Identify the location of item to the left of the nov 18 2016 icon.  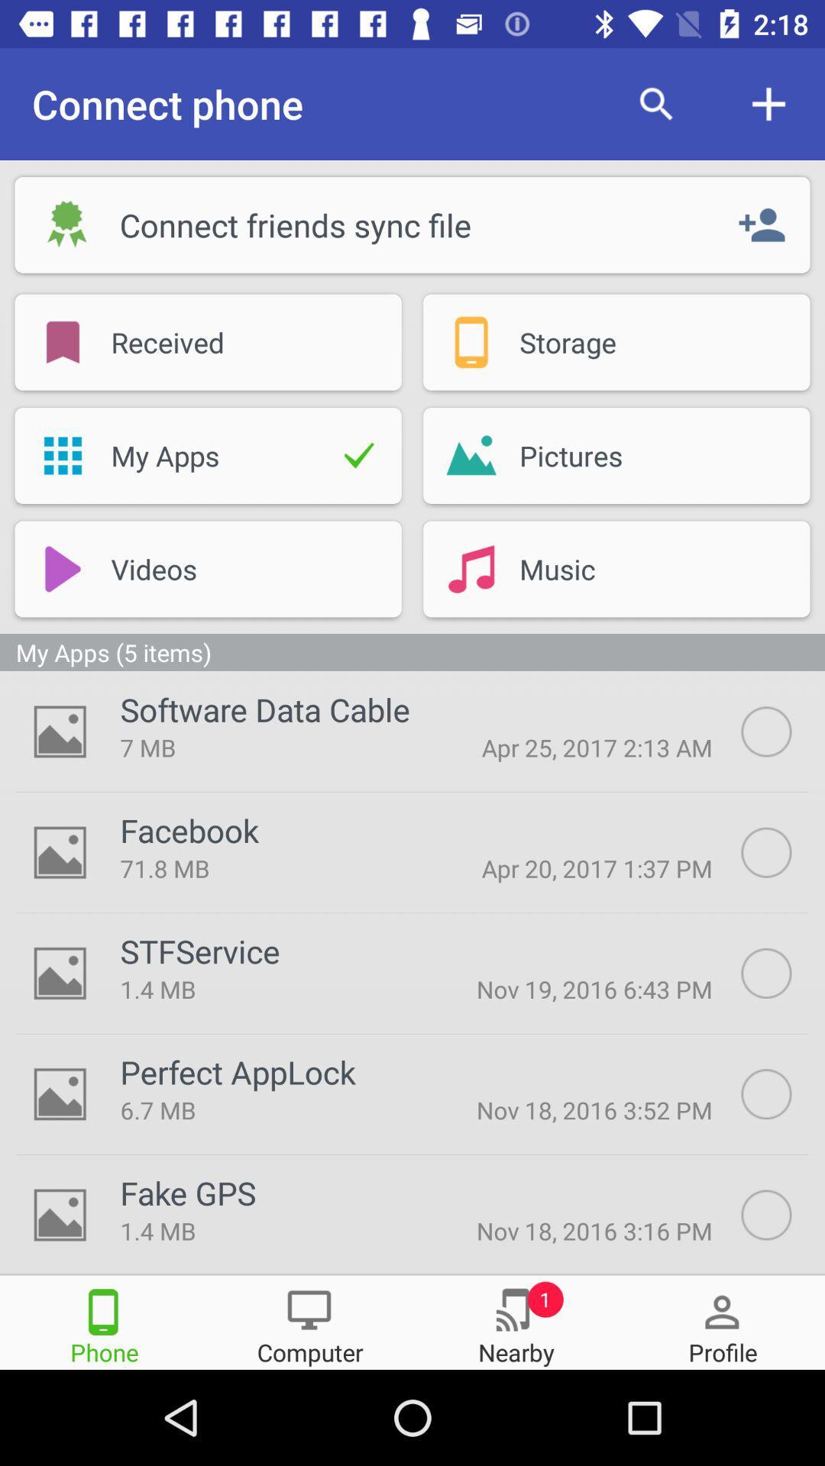
(267, 1109).